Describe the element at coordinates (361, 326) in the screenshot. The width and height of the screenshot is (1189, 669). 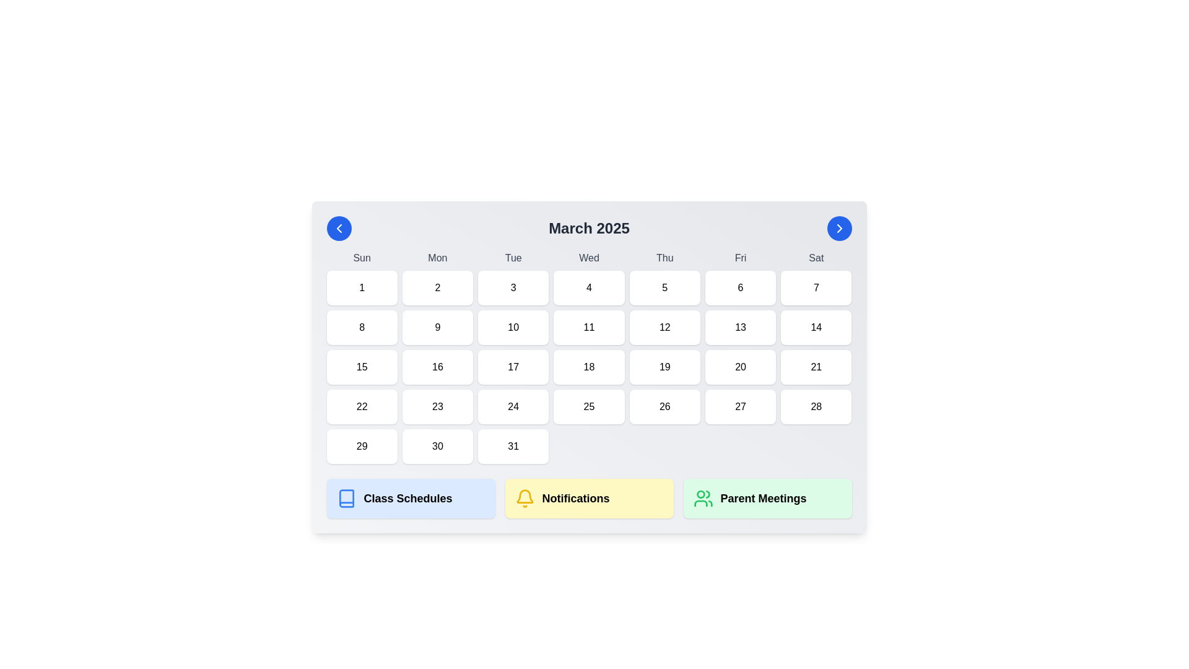
I see `the calendar date cell displaying the number '8' in the second row and first column under the 'Sun' header` at that location.